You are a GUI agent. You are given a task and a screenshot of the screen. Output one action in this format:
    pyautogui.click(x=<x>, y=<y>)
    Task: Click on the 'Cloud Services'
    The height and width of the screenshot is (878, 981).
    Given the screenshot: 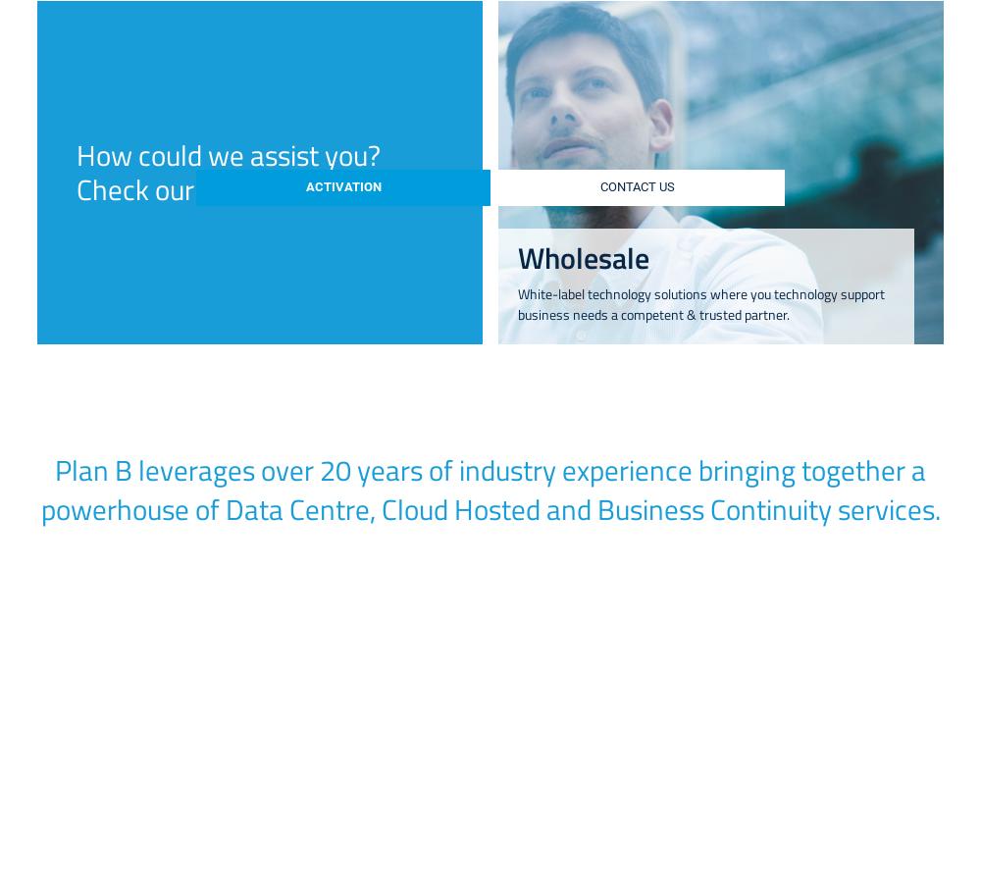 What is the action you would take?
    pyautogui.click(x=724, y=839)
    